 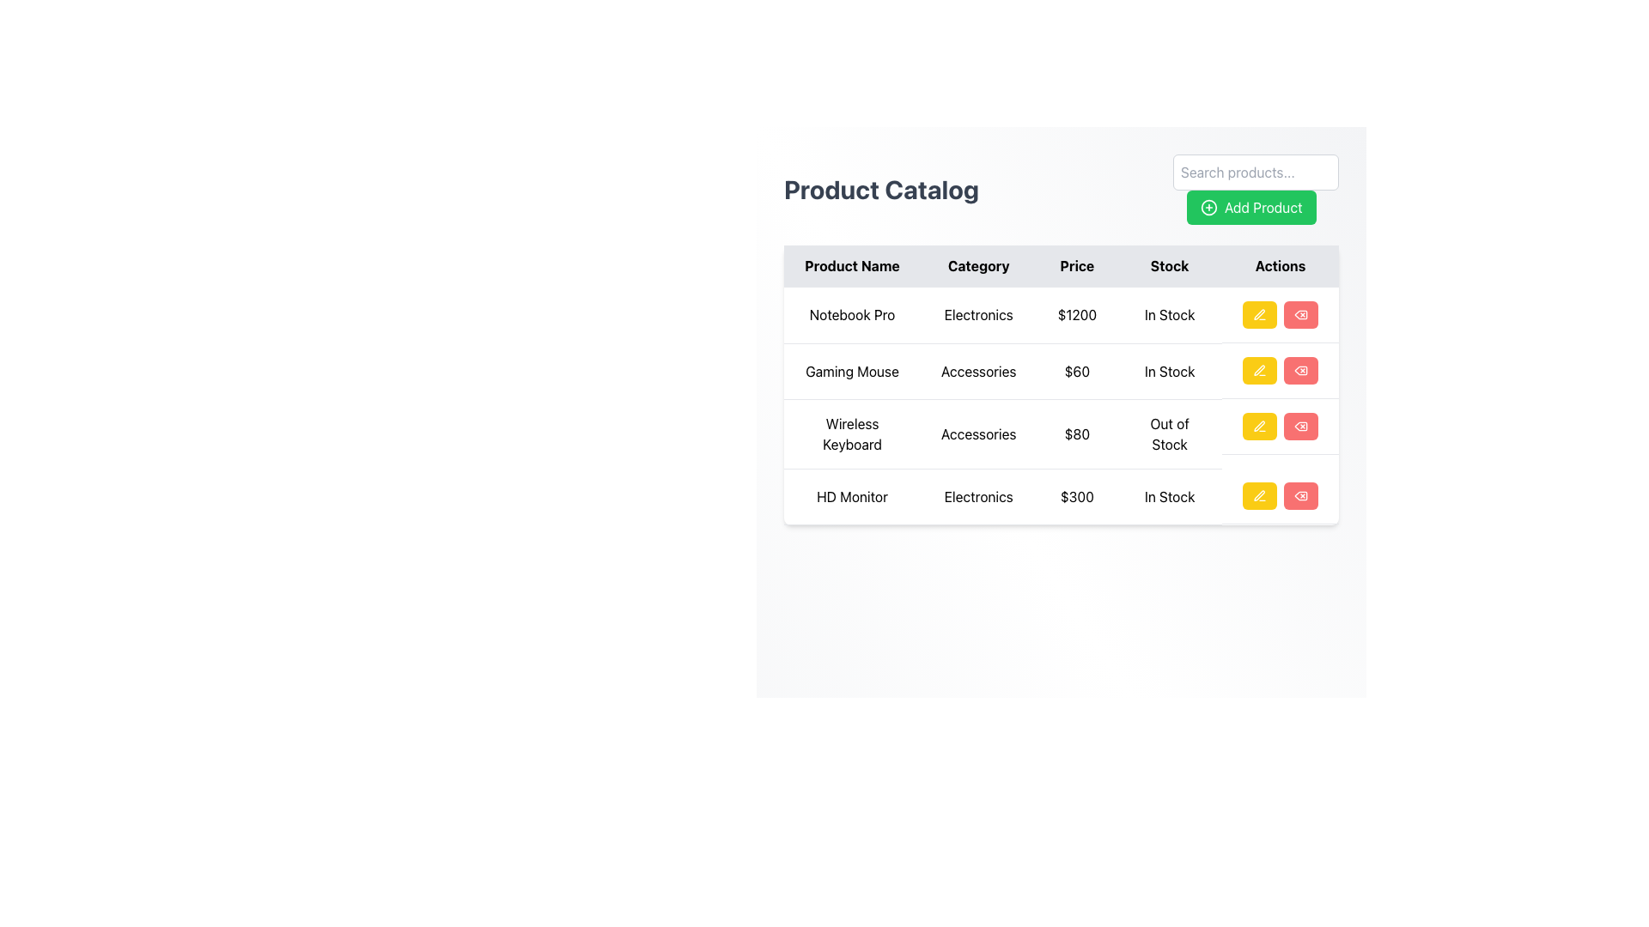 I want to click on the 'Wireless Keyboard' text label in the 'Product Name' column of the second data row in the 'Product Catalog' table, so click(x=852, y=433).